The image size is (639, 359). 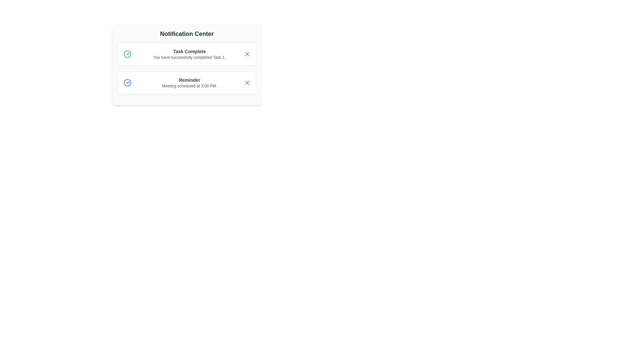 I want to click on the Notification block titled 'Task Complete', so click(x=186, y=68).